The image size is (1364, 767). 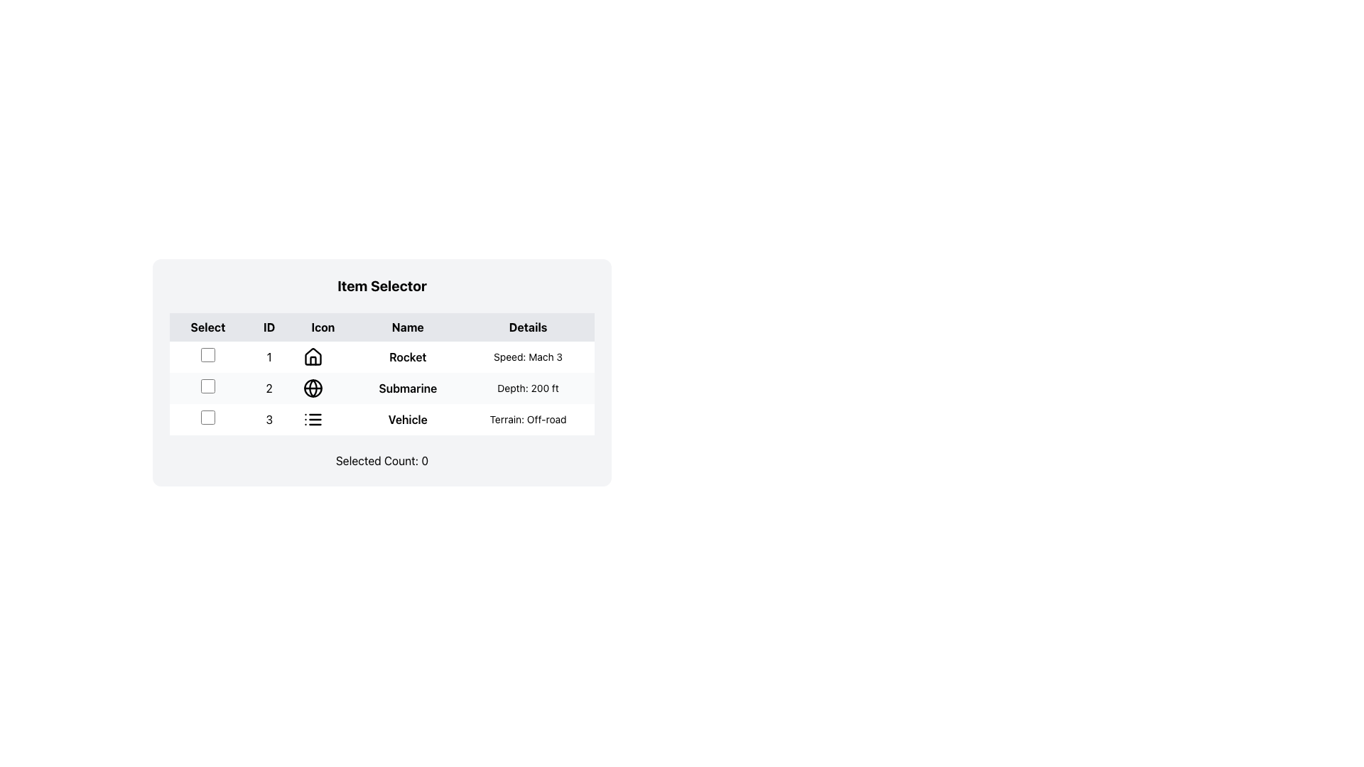 What do you see at coordinates (313, 356) in the screenshot?
I see `the 'house' or 'home' icon located in the first row of the table under the 'Icon' column, adjacent to the text label 'Rocket'` at bounding box center [313, 356].